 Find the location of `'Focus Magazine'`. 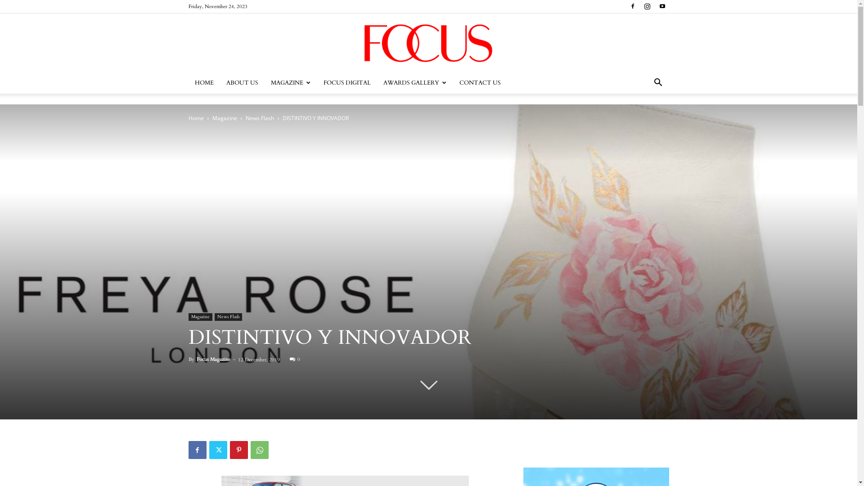

'Focus Magazine' is located at coordinates (212, 359).